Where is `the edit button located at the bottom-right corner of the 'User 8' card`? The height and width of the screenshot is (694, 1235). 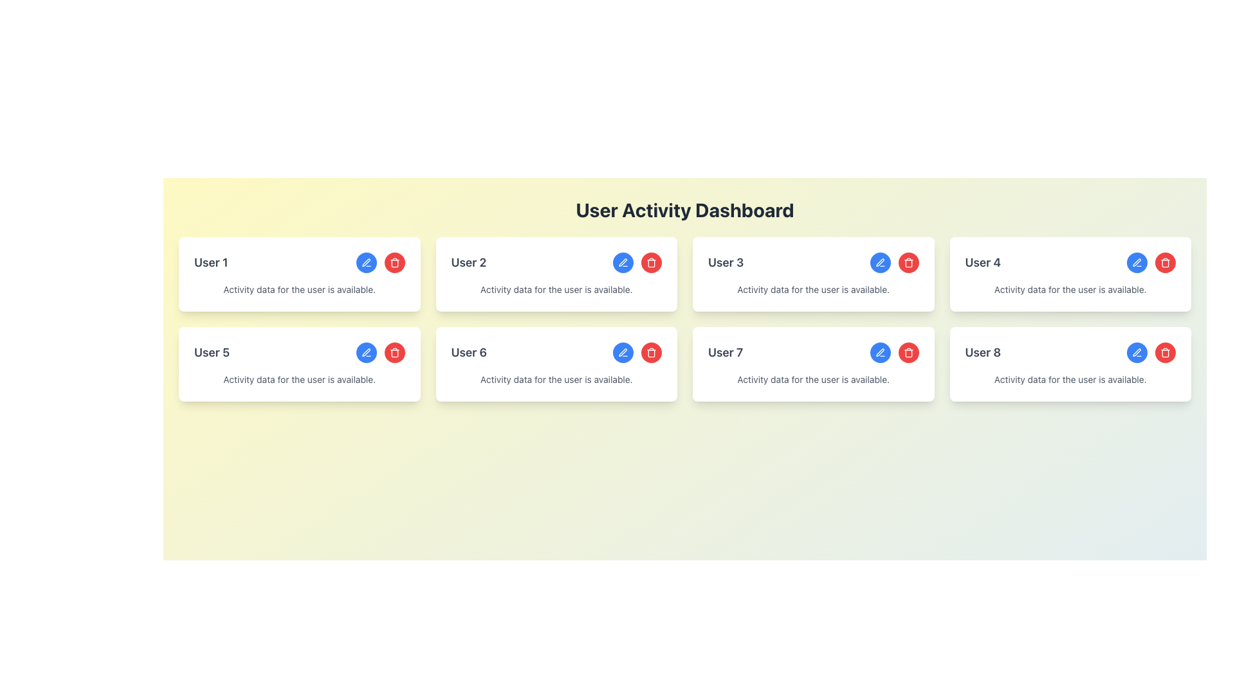
the edit button located at the bottom-right corner of the 'User 8' card is located at coordinates (1137, 352).